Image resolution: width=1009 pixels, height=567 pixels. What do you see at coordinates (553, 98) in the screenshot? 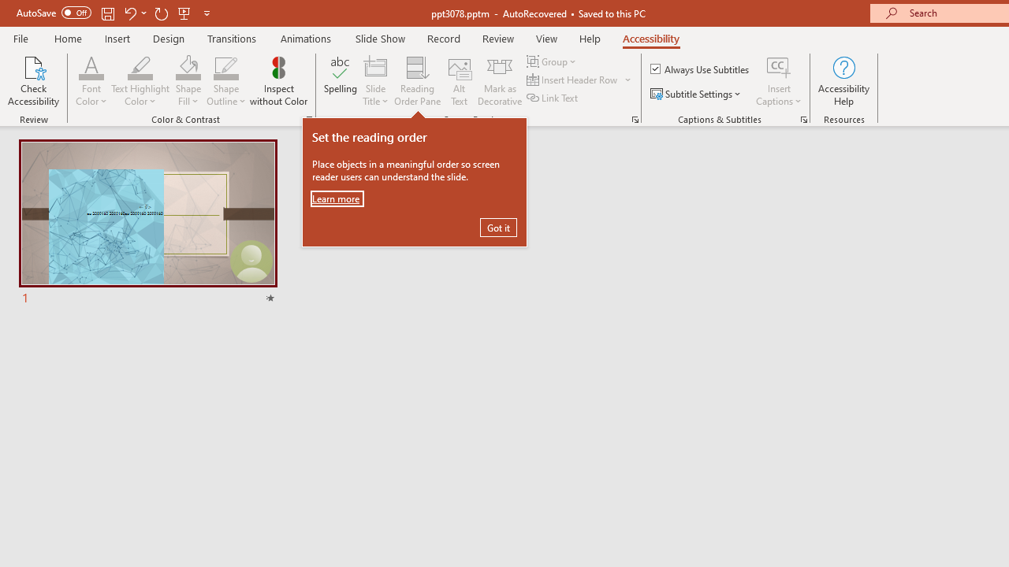
I see `'Link Text'` at bounding box center [553, 98].